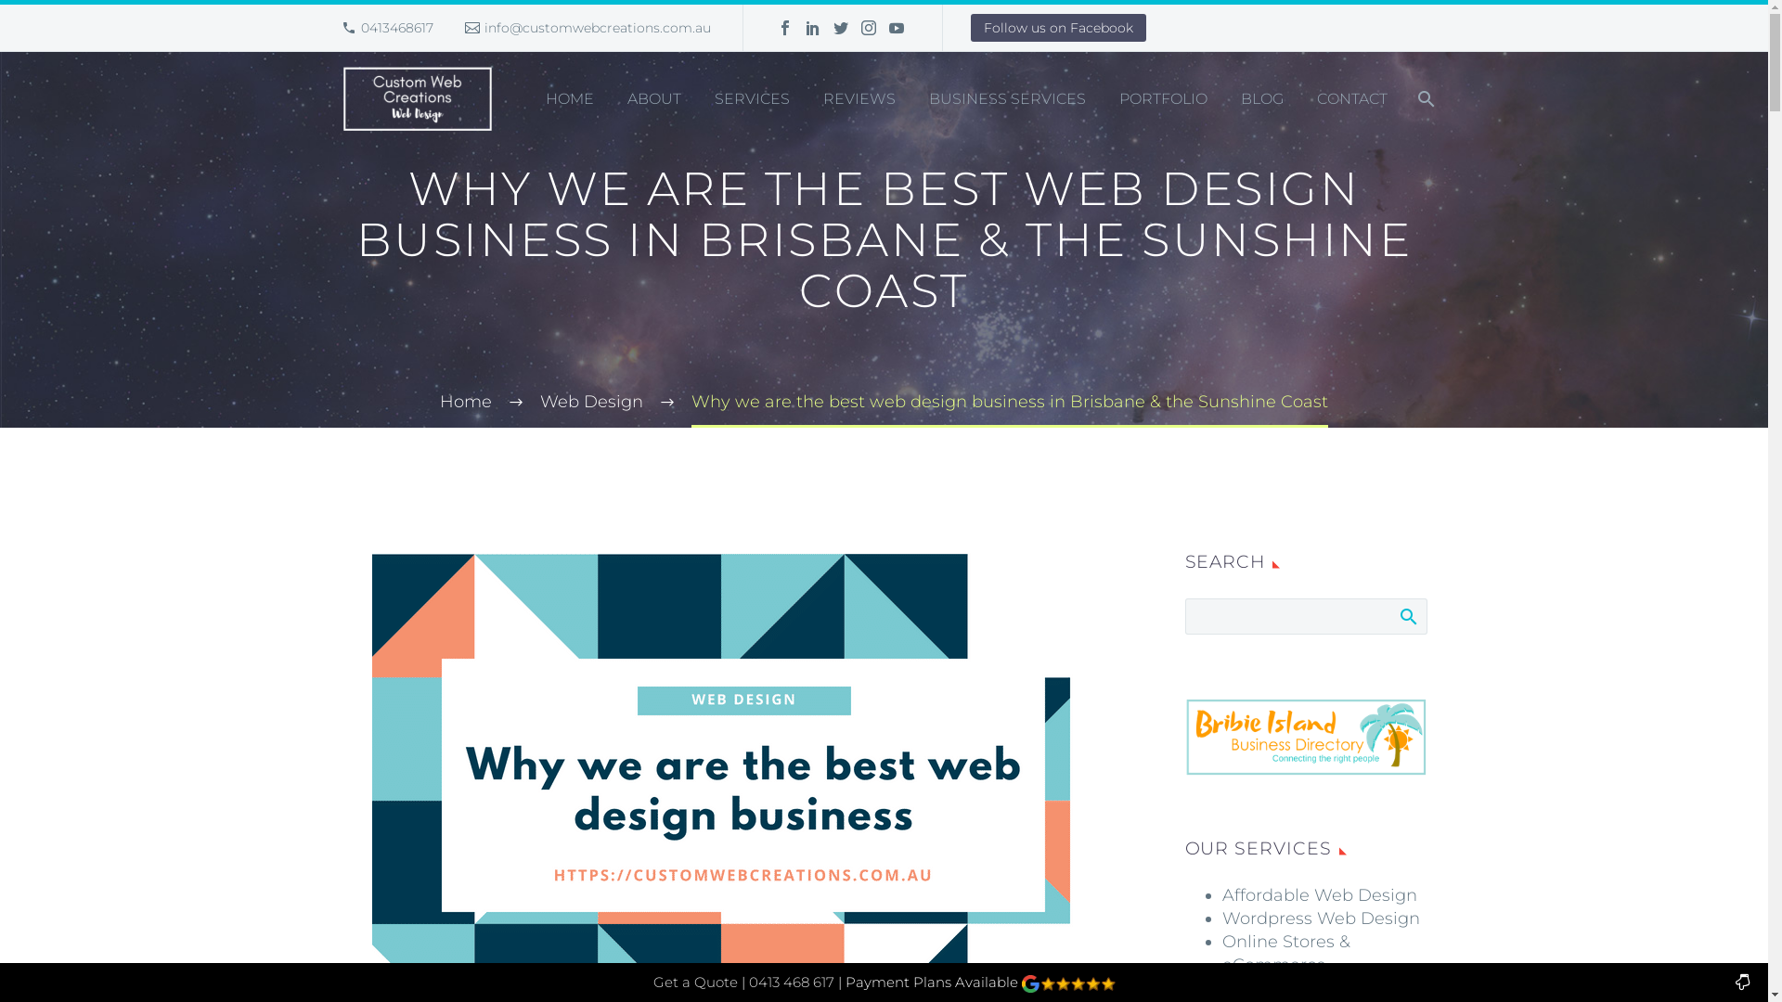 The width and height of the screenshot is (1782, 1002). What do you see at coordinates (1006, 99) in the screenshot?
I see `'BUSINESS SERVICES'` at bounding box center [1006, 99].